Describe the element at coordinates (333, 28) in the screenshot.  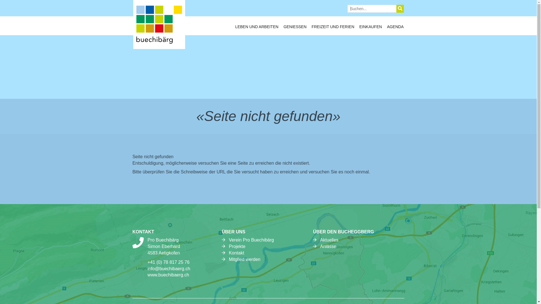
I see `'FREIZEIT UND FERIEN'` at that location.